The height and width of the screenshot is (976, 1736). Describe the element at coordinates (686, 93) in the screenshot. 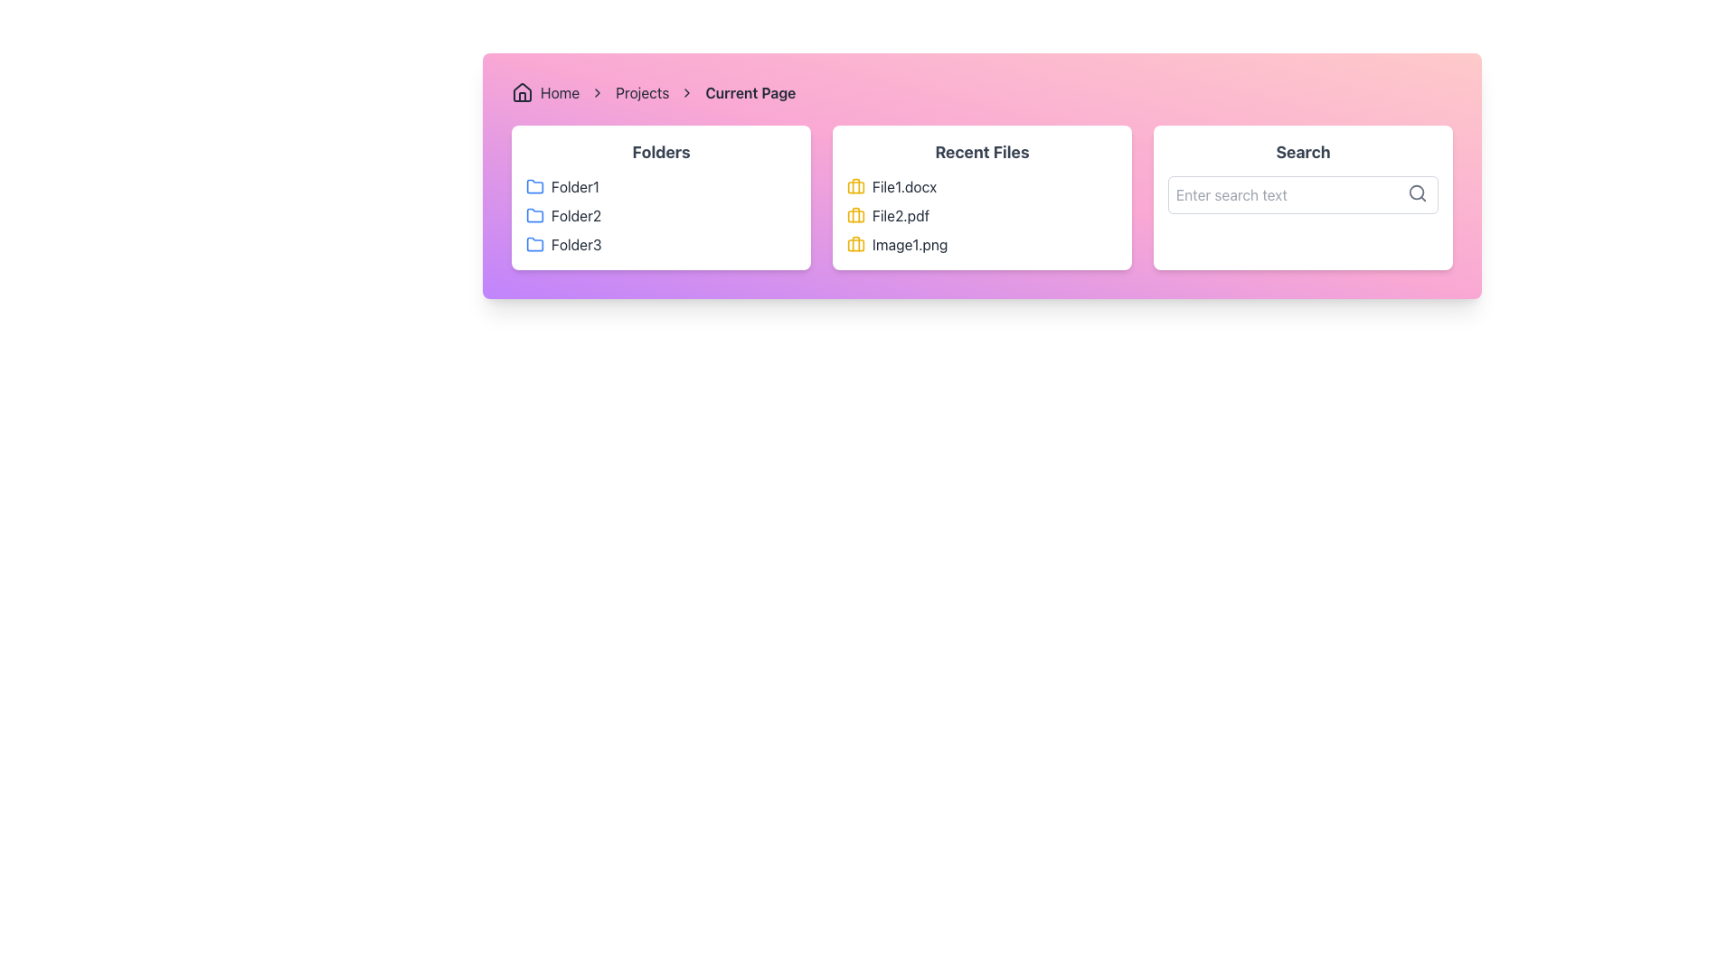

I see `the third chevron-right icon in the breadcrumb navigation, positioned between the 'Projects' text link and the 'Current Page' label` at that location.